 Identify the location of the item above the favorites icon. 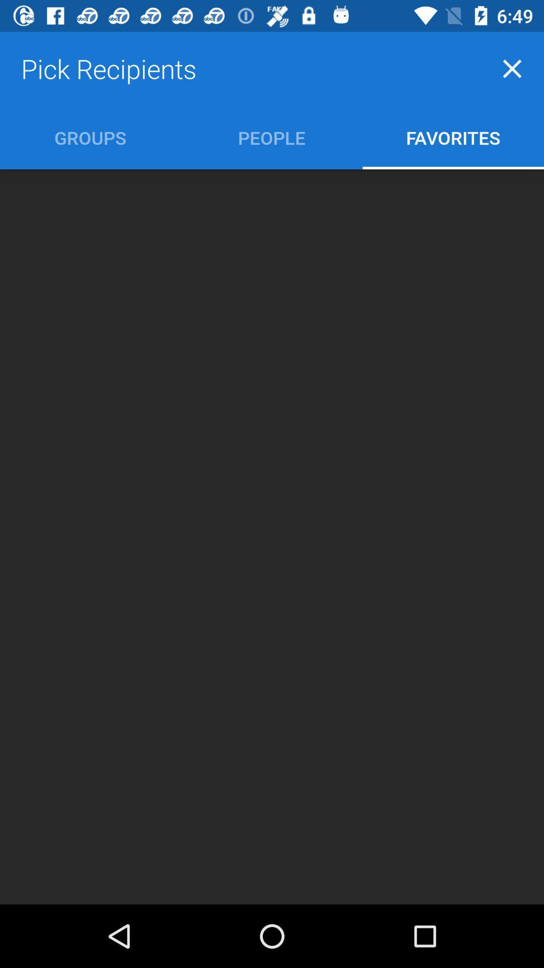
(512, 68).